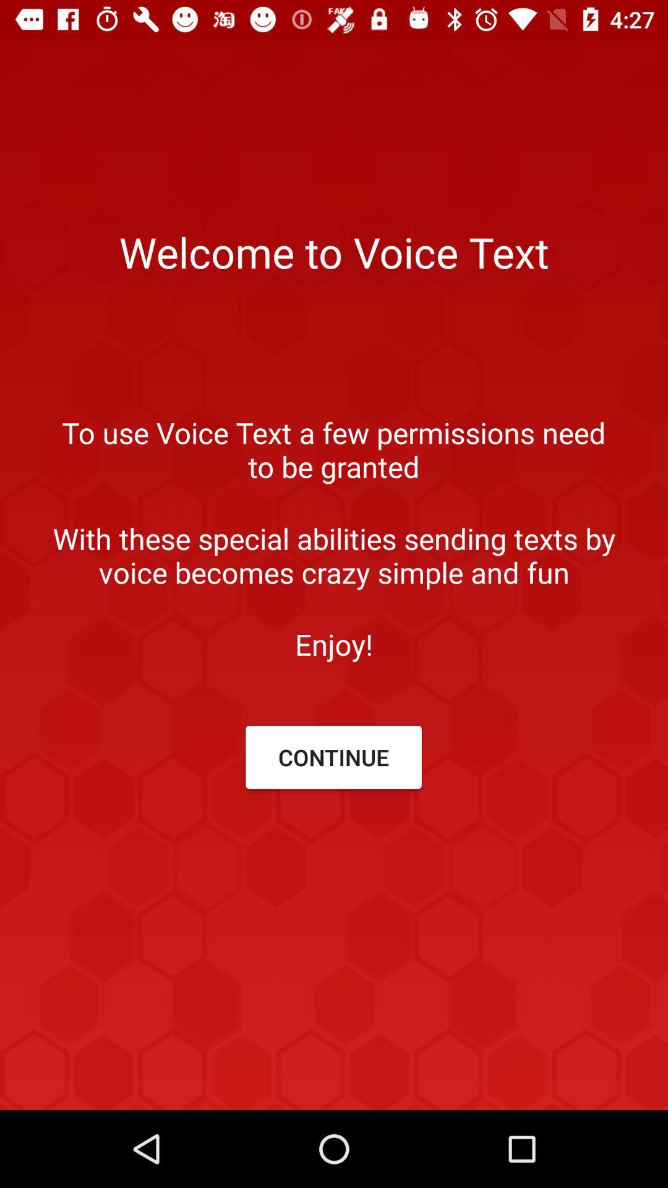 Image resolution: width=668 pixels, height=1188 pixels. What do you see at coordinates (333, 757) in the screenshot?
I see `continue icon` at bounding box center [333, 757].